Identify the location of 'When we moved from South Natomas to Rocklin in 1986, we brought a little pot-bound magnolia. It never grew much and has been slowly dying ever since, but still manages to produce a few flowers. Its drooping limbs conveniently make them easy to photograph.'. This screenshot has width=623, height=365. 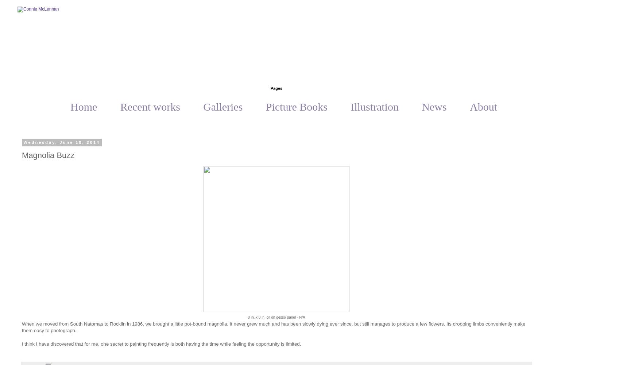
(273, 327).